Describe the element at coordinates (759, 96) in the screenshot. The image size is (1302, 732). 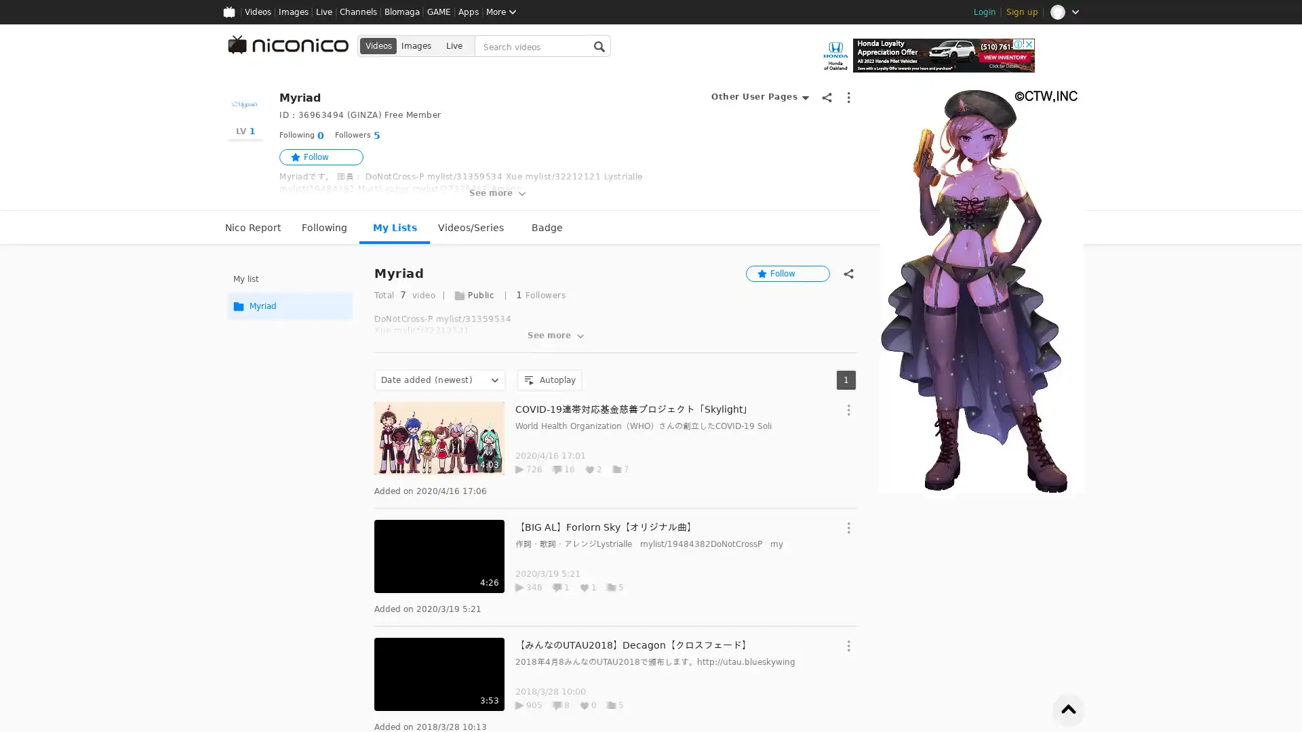
I see `Other User Pages` at that location.